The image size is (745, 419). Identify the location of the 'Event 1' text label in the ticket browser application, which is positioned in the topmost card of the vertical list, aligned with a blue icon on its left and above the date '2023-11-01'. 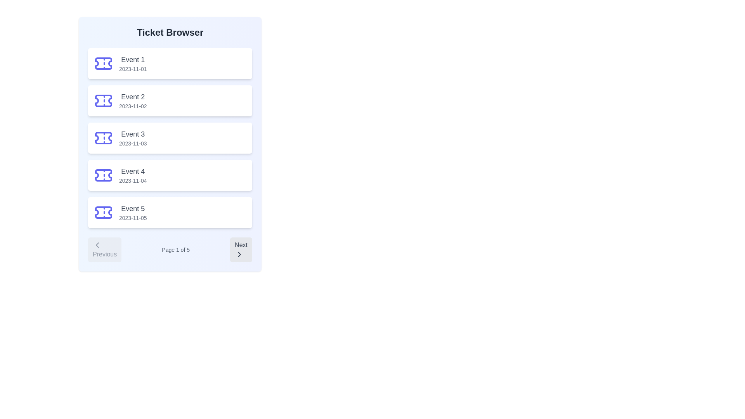
(133, 59).